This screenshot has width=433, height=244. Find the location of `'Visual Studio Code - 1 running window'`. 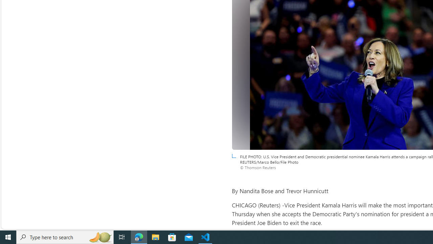

'Visual Studio Code - 1 running window' is located at coordinates (205, 237).